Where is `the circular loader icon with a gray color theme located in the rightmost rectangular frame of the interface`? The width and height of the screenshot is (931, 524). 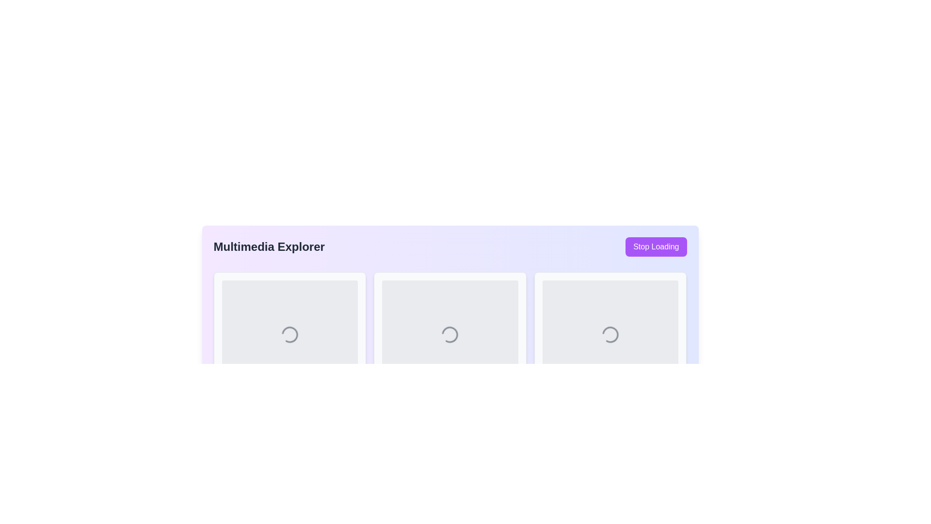 the circular loader icon with a gray color theme located in the rightmost rectangular frame of the interface is located at coordinates (610, 334).